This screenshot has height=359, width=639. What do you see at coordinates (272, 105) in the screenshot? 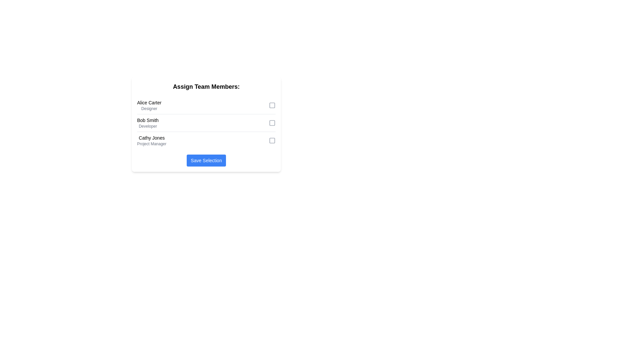
I see `the interactive checkbox next to the 'Alice Carter' label` at bounding box center [272, 105].